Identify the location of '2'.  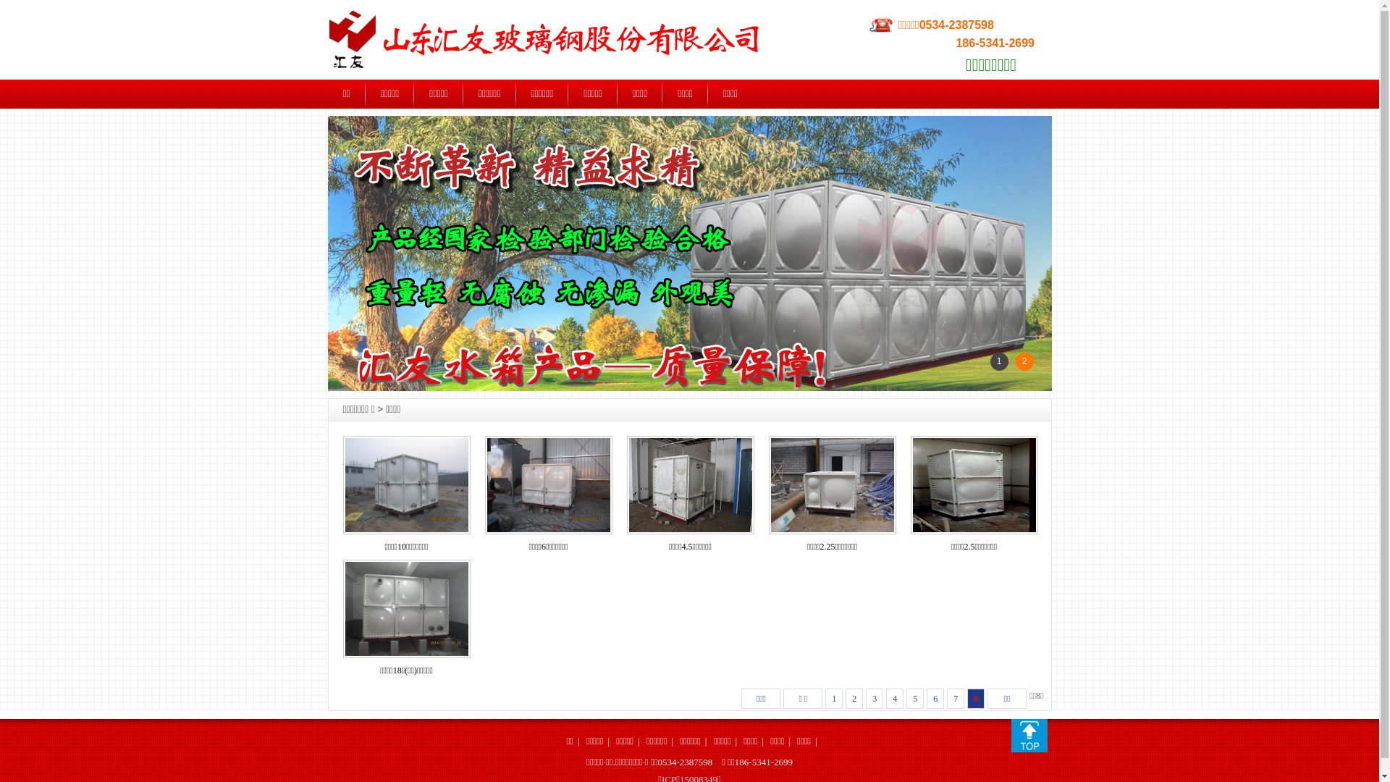
(854, 697).